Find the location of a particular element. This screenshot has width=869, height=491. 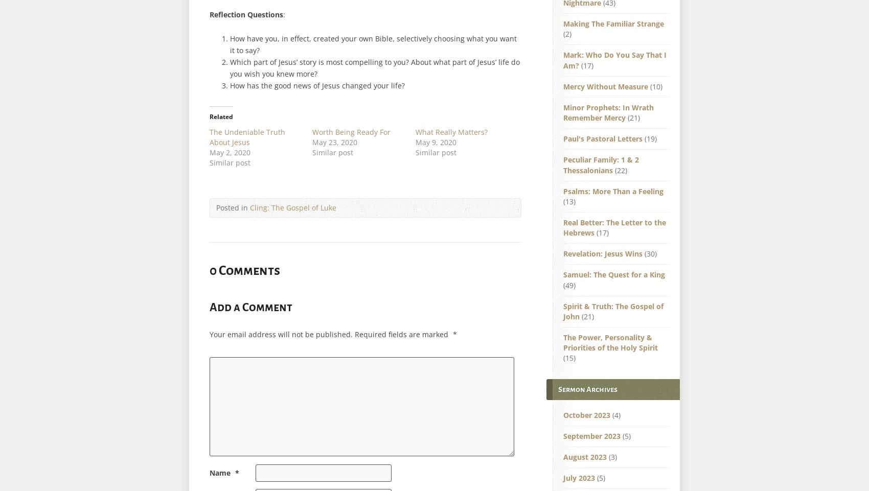

'(30)' is located at coordinates (649, 253).